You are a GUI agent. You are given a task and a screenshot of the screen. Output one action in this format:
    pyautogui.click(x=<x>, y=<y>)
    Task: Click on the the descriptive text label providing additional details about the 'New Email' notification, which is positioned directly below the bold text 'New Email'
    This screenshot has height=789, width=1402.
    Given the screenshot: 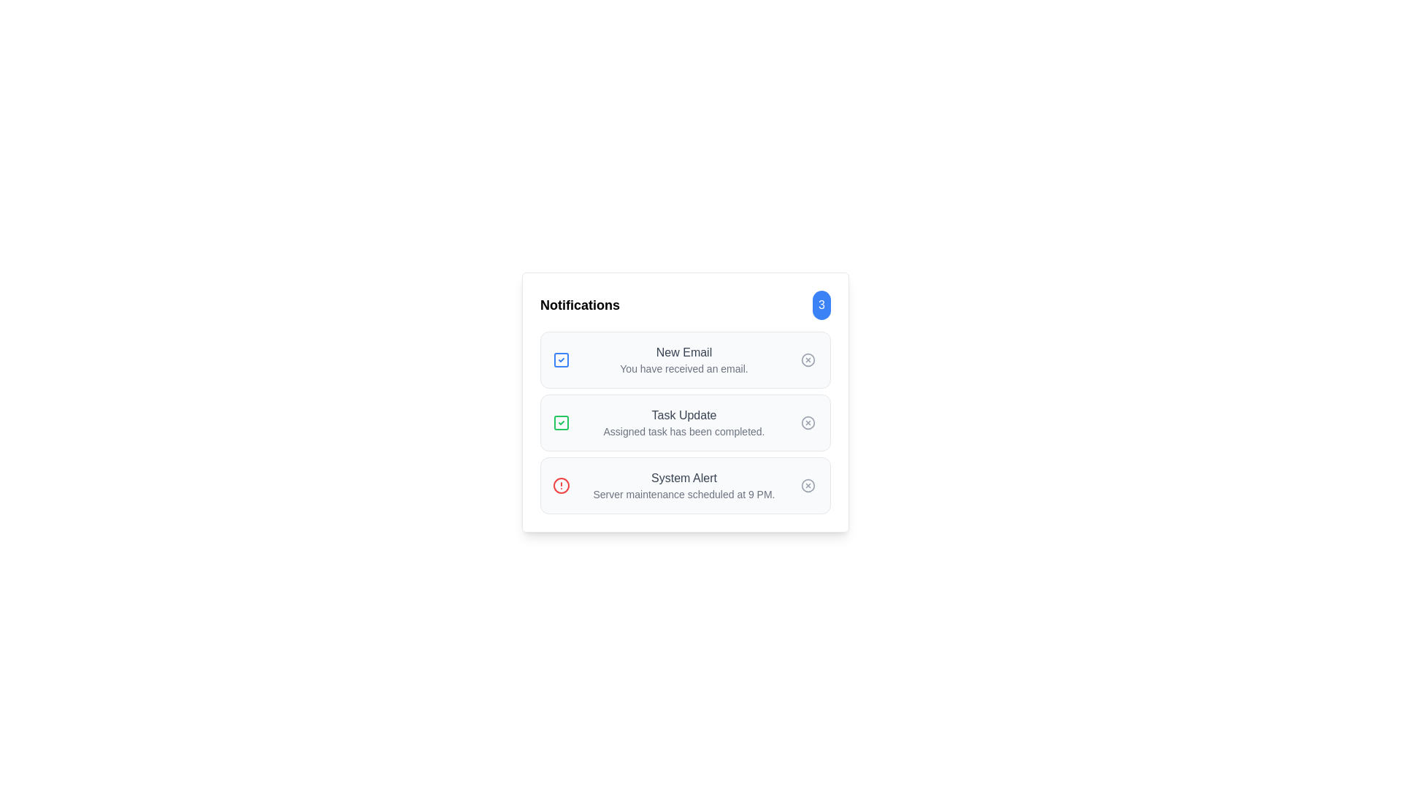 What is the action you would take?
    pyautogui.click(x=683, y=368)
    